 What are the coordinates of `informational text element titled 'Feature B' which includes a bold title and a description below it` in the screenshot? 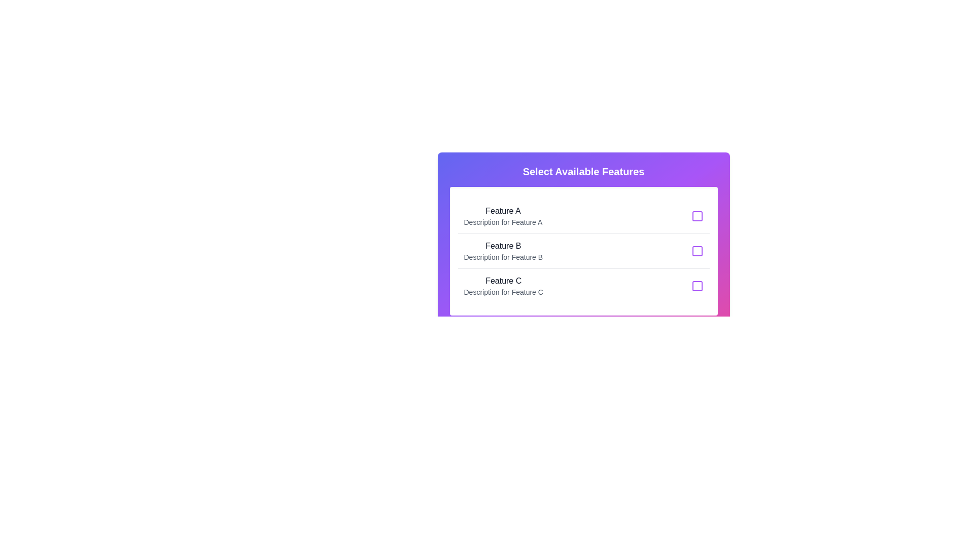 It's located at (503, 251).